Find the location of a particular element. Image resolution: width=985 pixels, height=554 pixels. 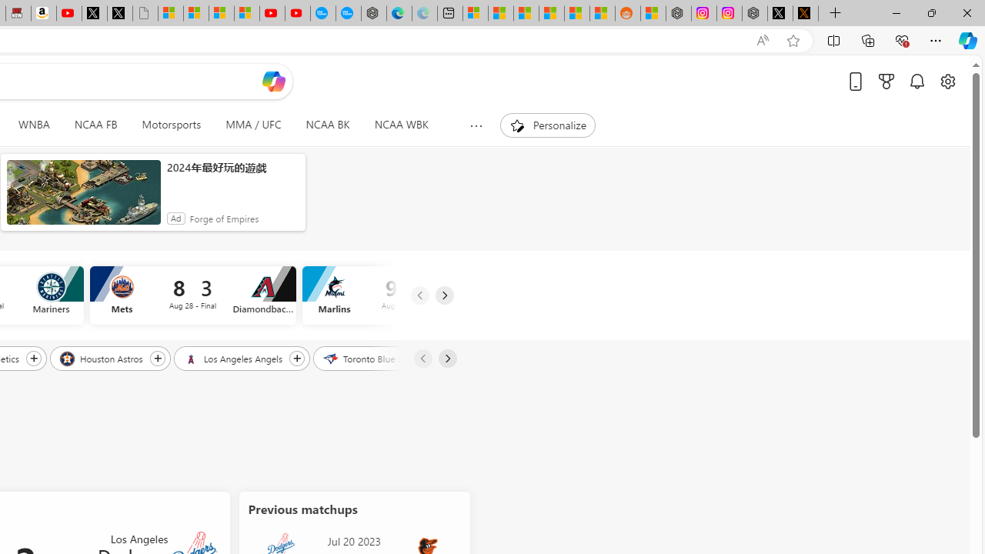

'Show more topics' is located at coordinates (475, 125).